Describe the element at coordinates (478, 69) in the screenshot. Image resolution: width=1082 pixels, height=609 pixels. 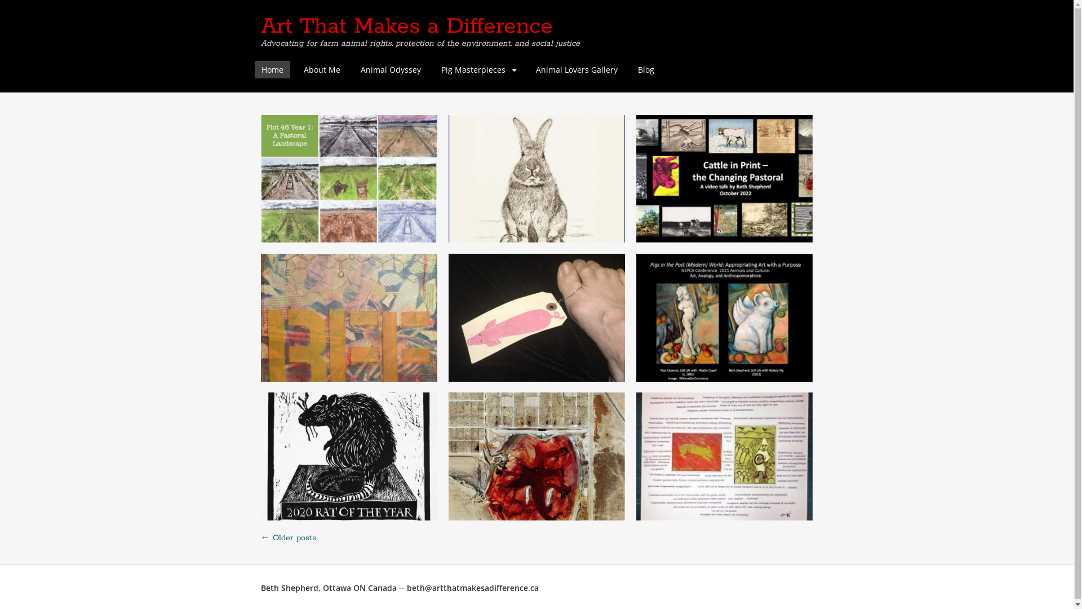
I see `'Pig Masterpieces'` at that location.